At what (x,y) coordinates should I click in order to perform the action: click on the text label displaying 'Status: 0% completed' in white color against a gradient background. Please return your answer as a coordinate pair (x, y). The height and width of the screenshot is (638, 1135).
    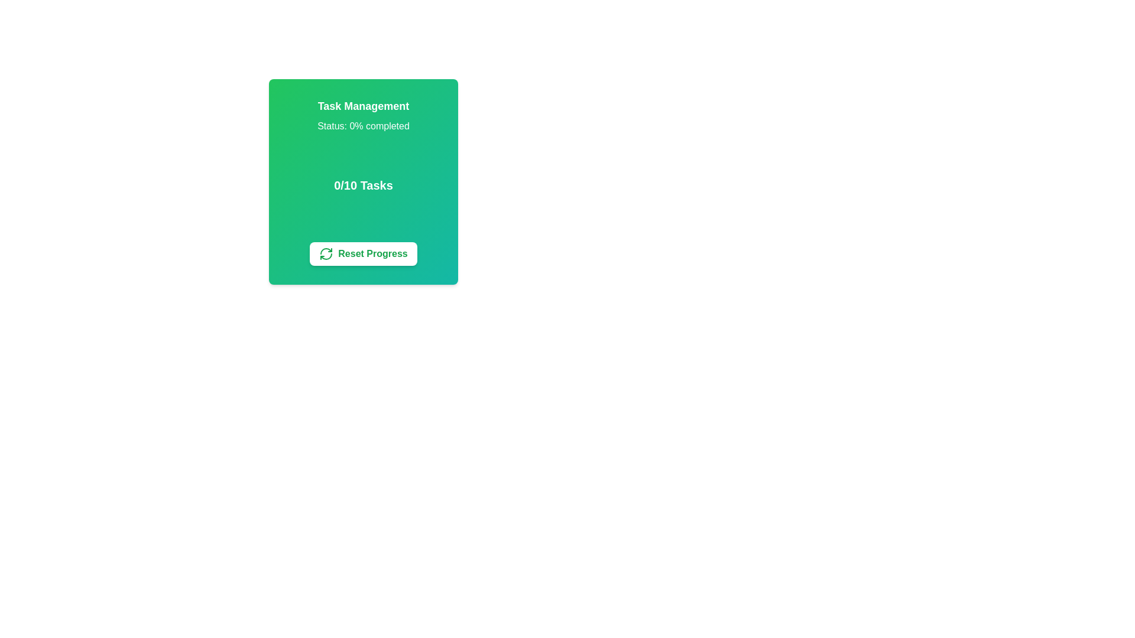
    Looking at the image, I should click on (362, 126).